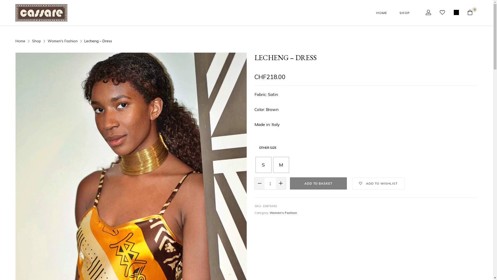 Image resolution: width=497 pixels, height=280 pixels. I want to click on 'ADD TO BASKET', so click(318, 183).